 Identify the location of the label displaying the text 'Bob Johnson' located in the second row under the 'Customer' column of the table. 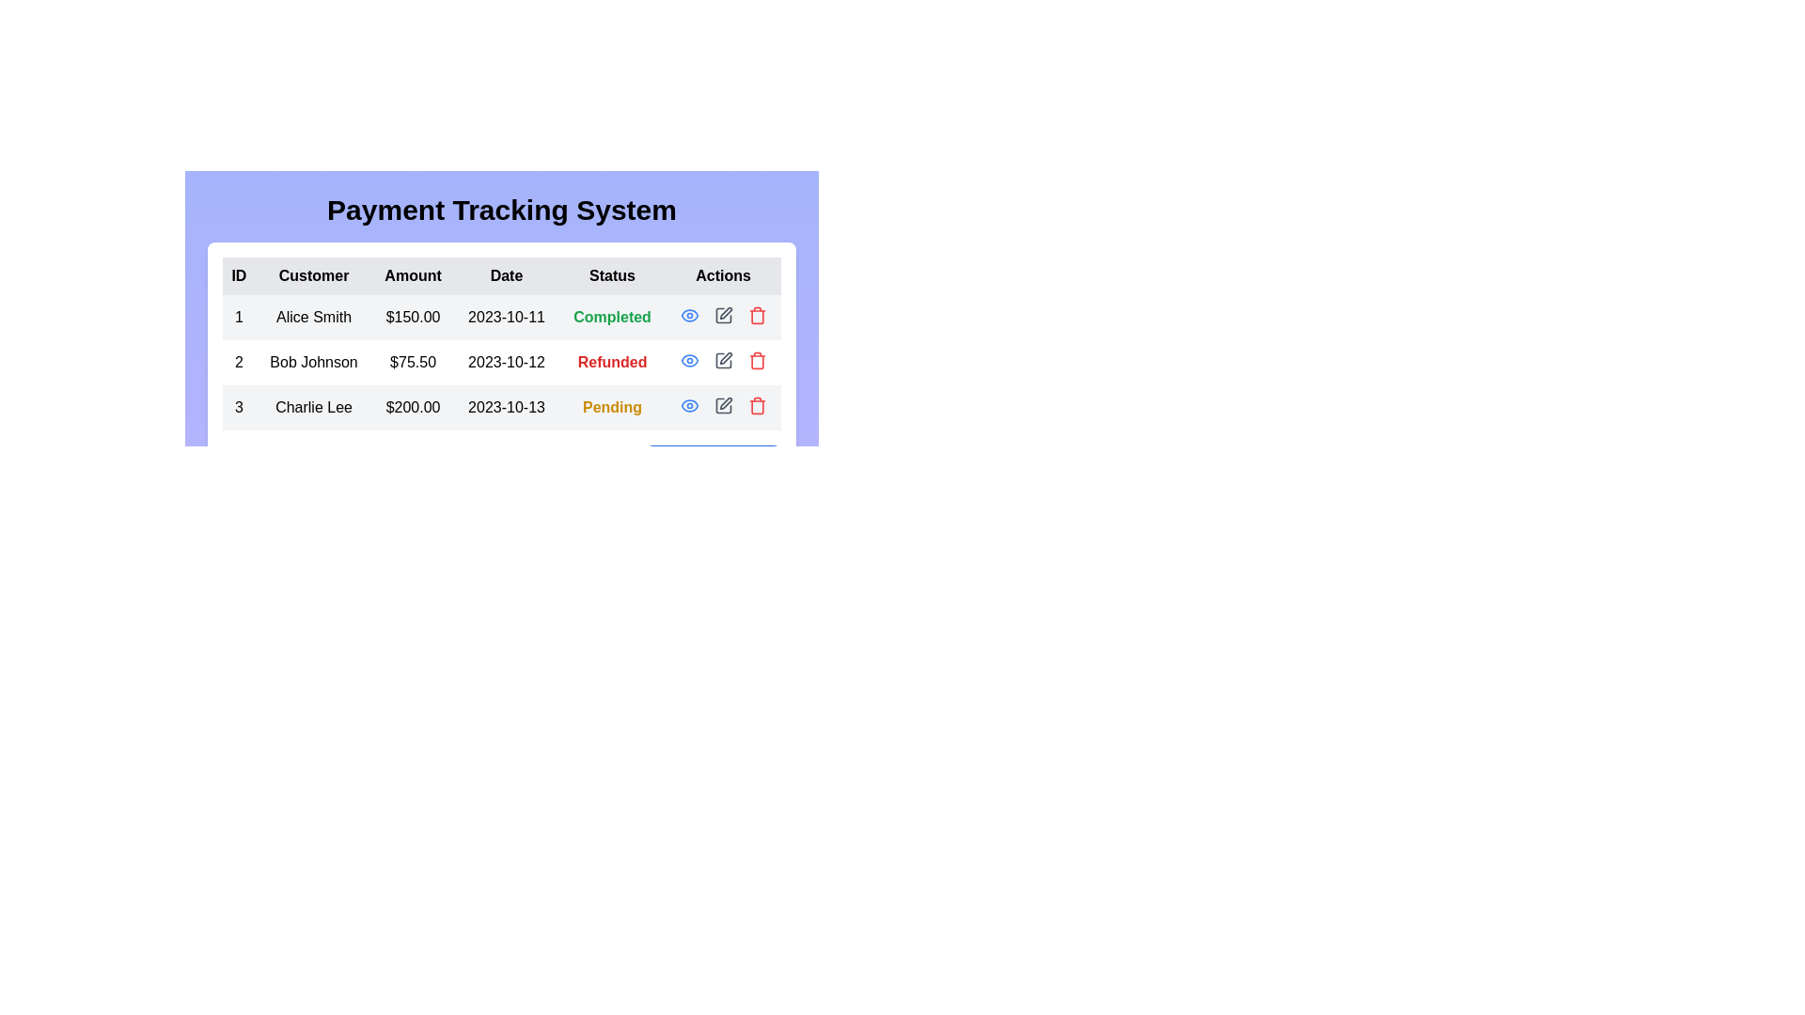
(314, 362).